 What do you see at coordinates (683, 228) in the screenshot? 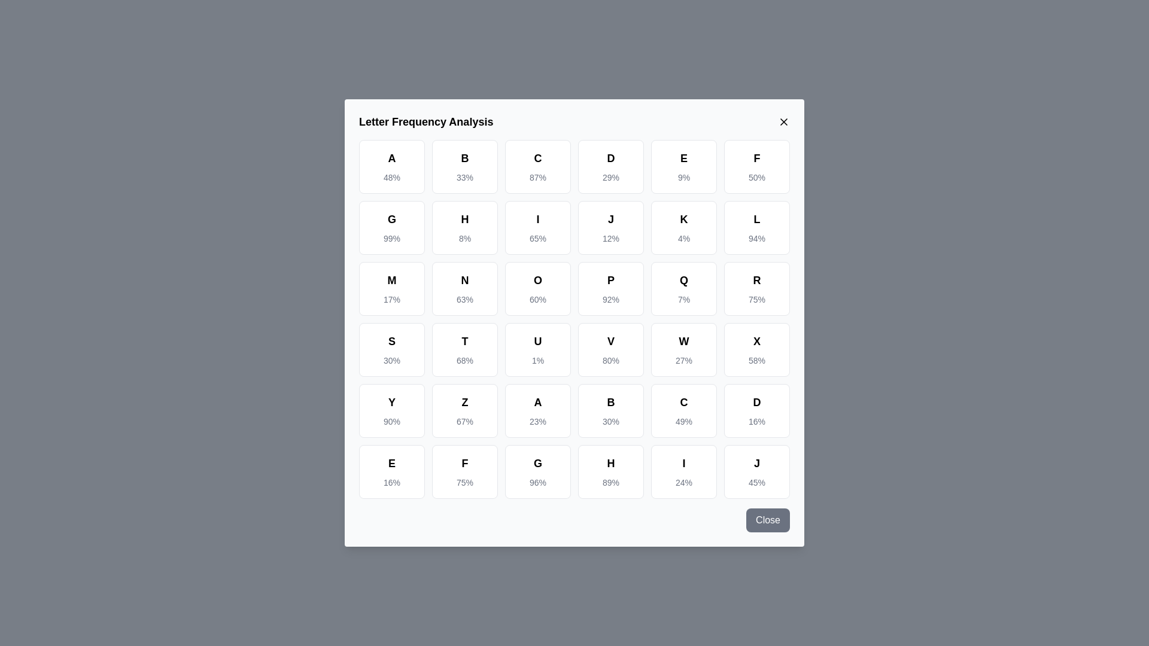
I see `the cell corresponding to the letter K` at bounding box center [683, 228].